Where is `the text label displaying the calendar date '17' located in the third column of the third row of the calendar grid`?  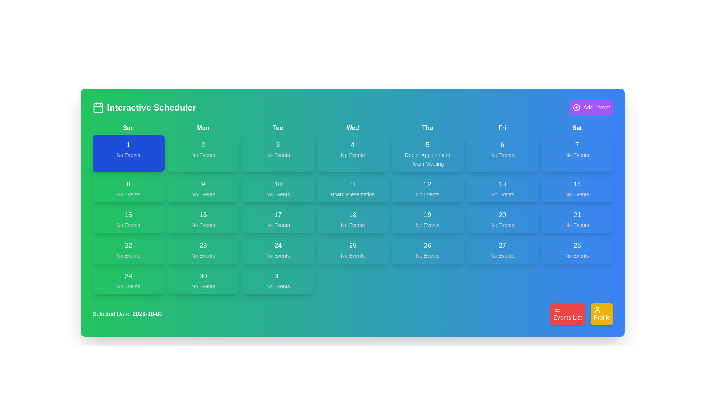 the text label displaying the calendar date '17' located in the third column of the third row of the calendar grid is located at coordinates (278, 215).